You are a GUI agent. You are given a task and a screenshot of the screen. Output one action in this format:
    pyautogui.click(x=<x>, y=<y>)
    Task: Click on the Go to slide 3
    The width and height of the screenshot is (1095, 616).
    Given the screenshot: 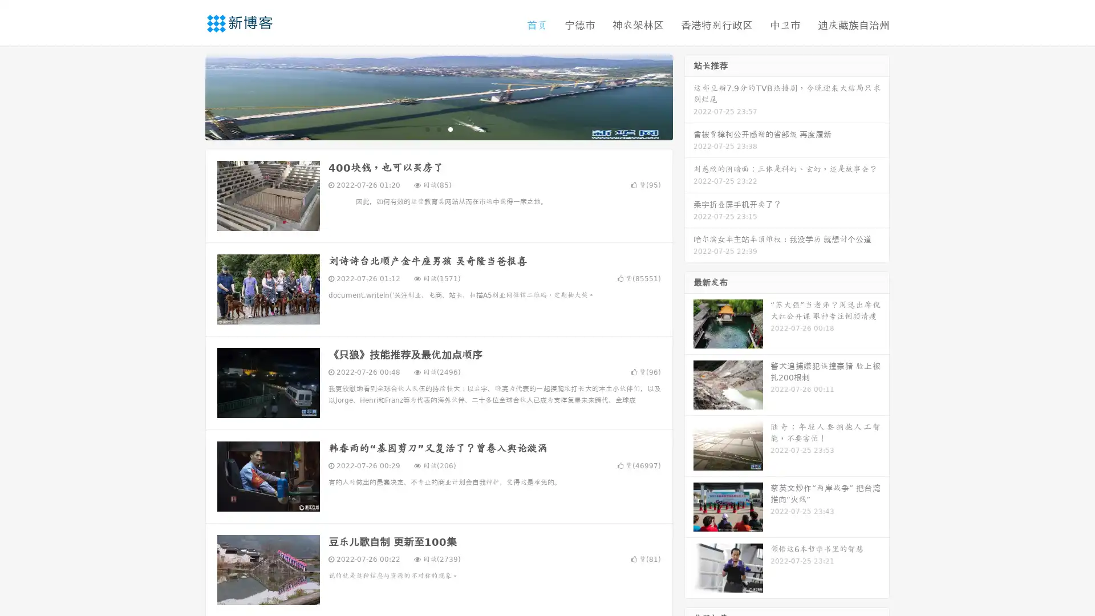 What is the action you would take?
    pyautogui.click(x=450, y=128)
    